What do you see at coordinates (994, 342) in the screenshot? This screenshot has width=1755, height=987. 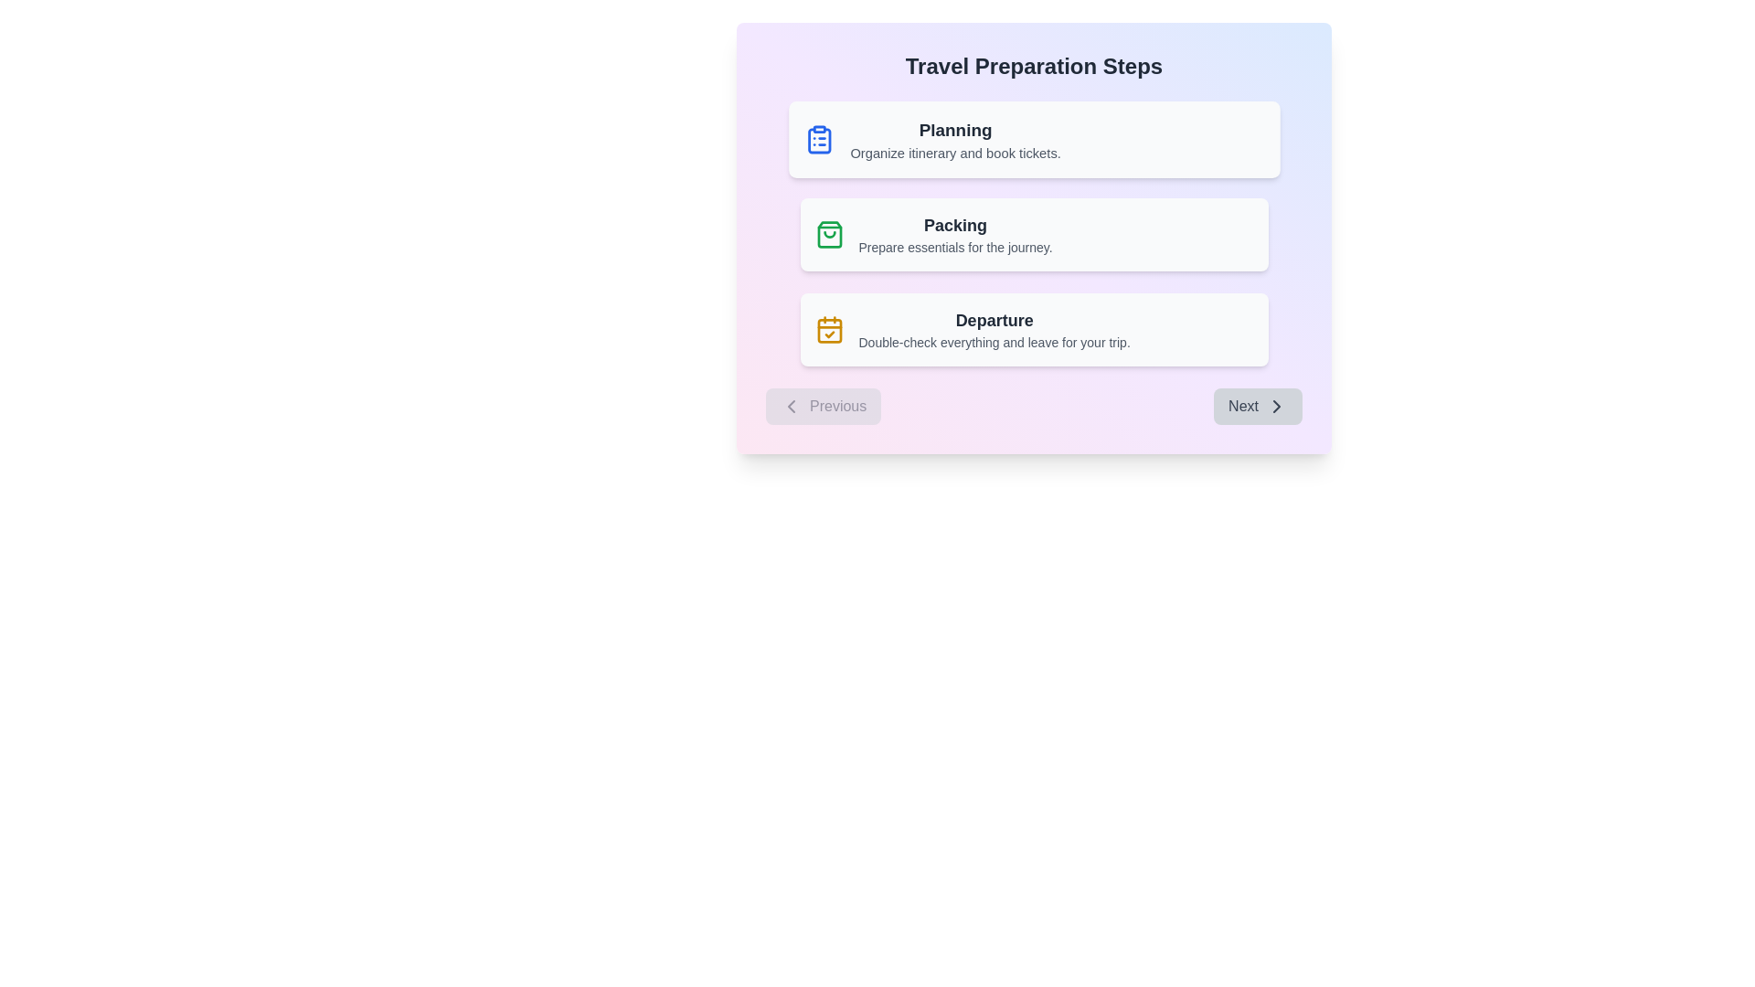 I see `the static text label that provides instruction details positioned below the 'Departure' title in the 'Travel Preparation Steps' interface` at bounding box center [994, 342].